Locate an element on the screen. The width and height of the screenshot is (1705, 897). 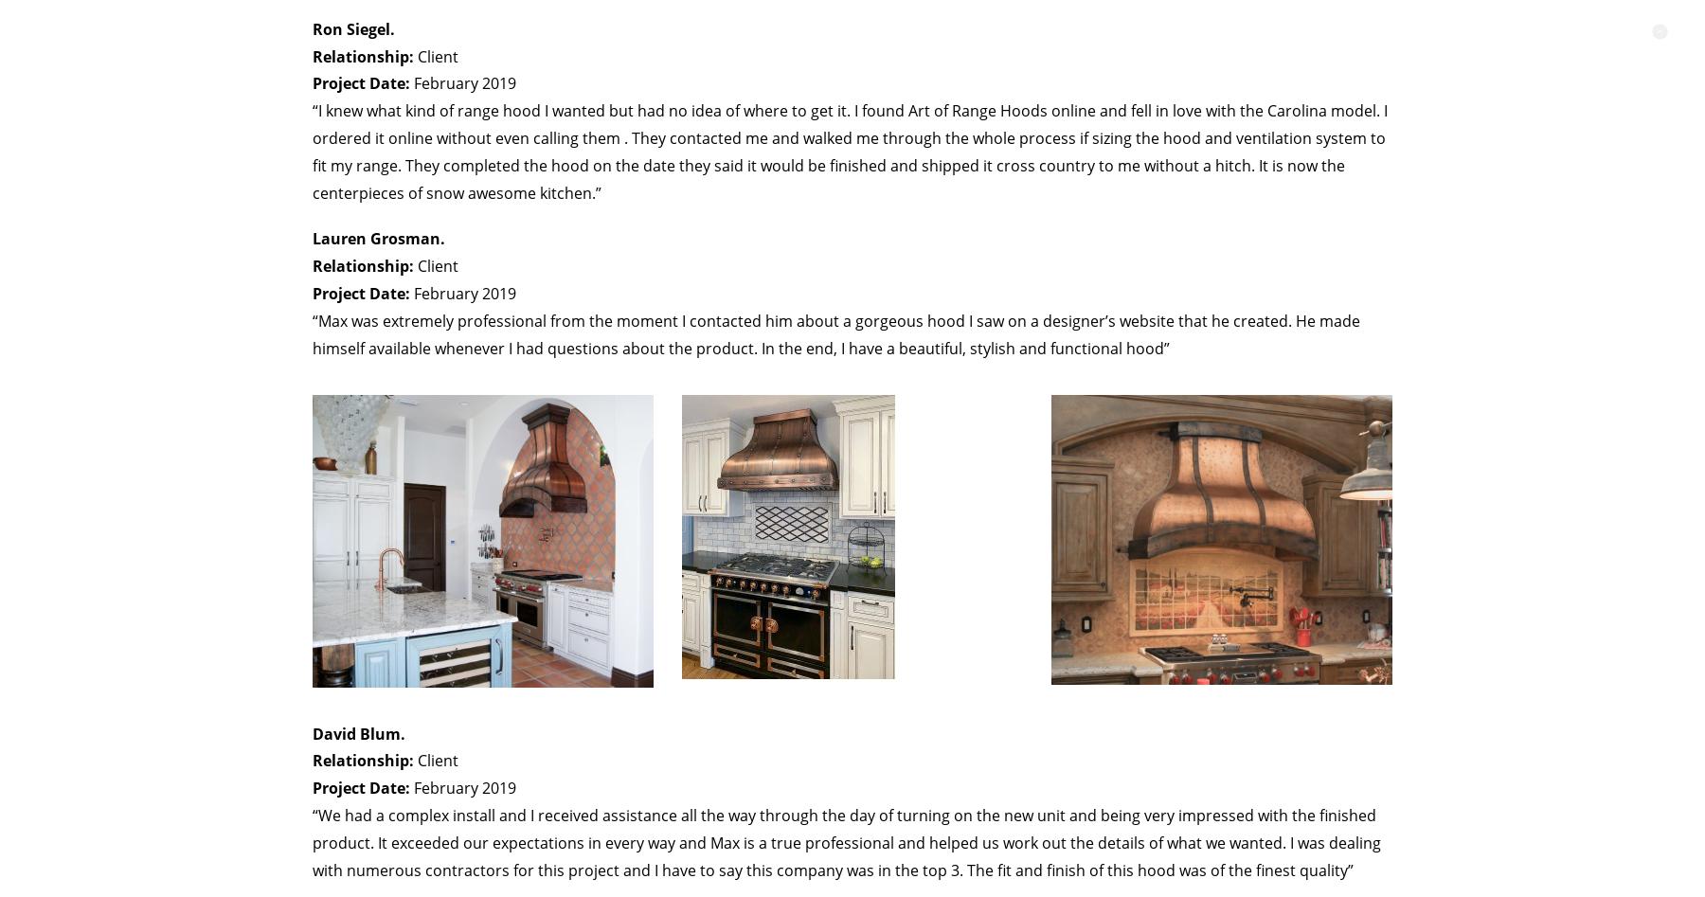
'Lauren Grosman.' is located at coordinates (378, 238).